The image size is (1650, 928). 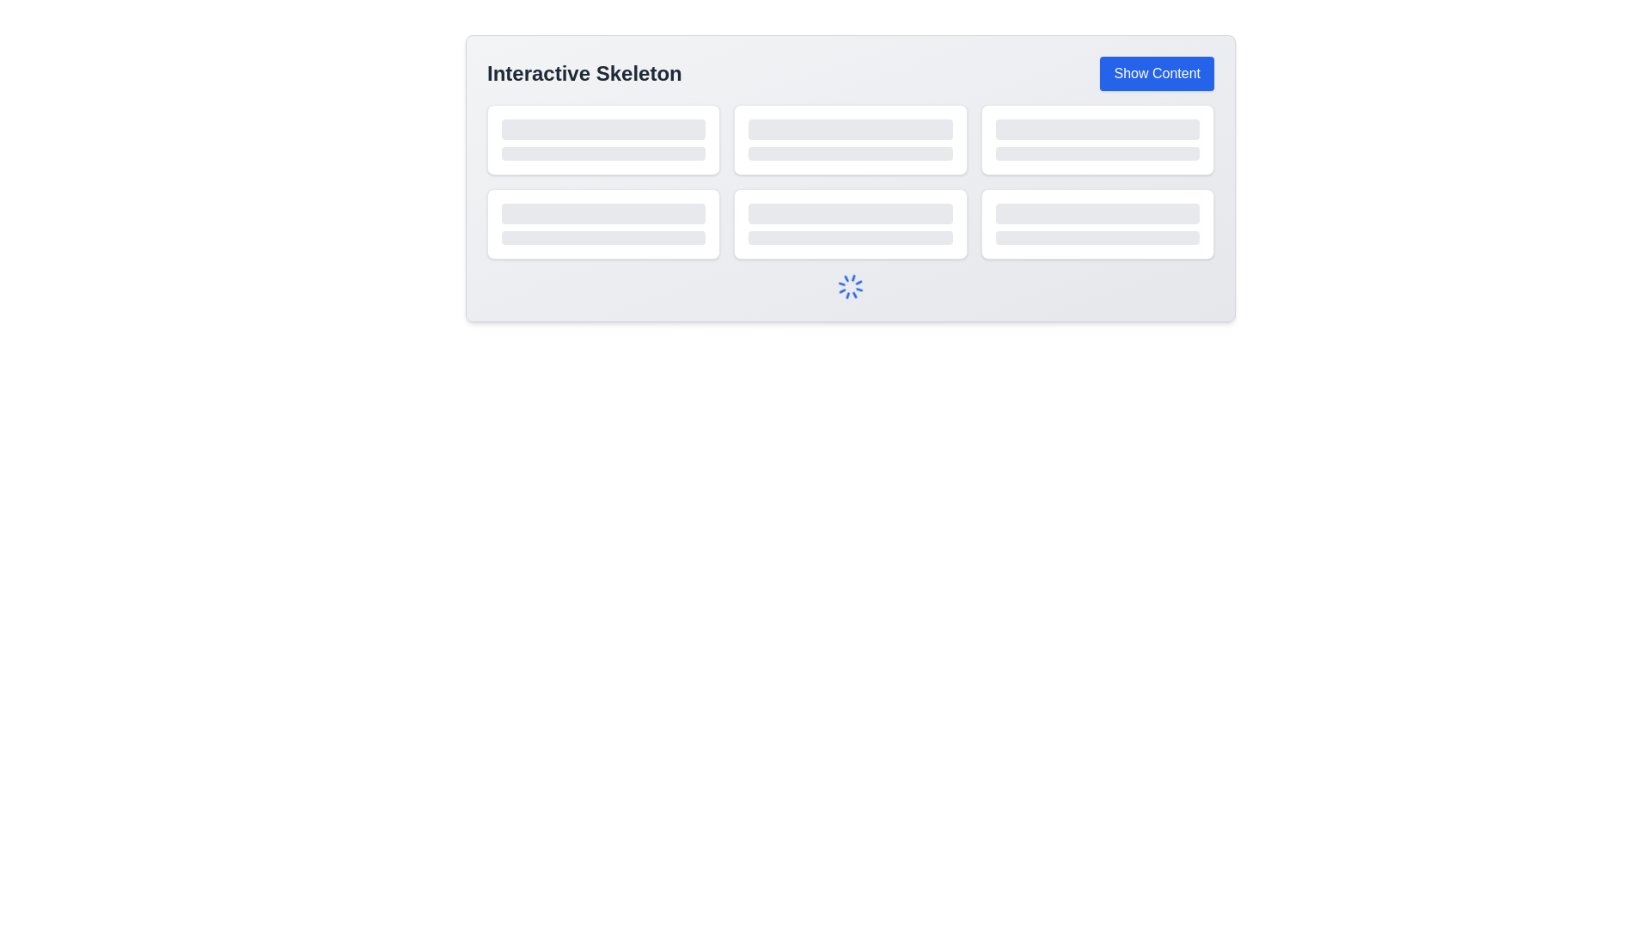 What do you see at coordinates (603, 138) in the screenshot?
I see `the Skeleton card, which is the first card in a grid layout located in the top-left position, indicating that content is loading` at bounding box center [603, 138].